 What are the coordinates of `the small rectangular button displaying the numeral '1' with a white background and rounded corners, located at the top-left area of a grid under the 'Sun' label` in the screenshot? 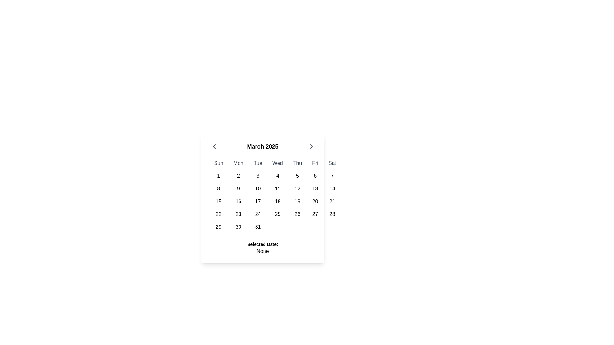 It's located at (218, 176).